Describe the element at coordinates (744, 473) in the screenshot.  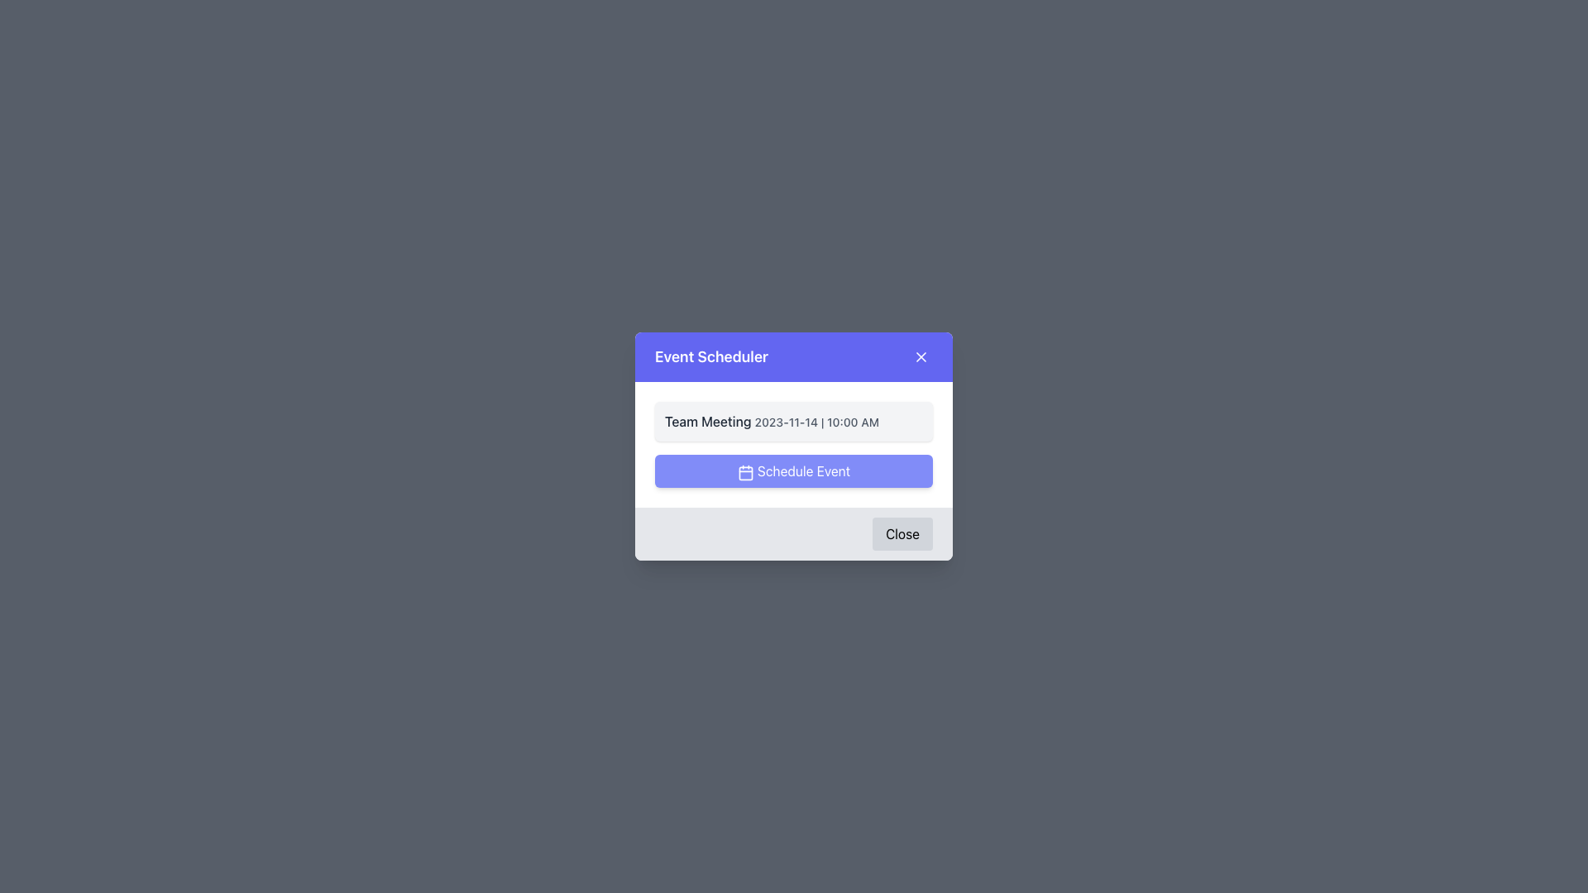
I see `the main body of the calendar icon, which represents a scheduling event, located adjacent to the text 'Schedule Event'` at that location.